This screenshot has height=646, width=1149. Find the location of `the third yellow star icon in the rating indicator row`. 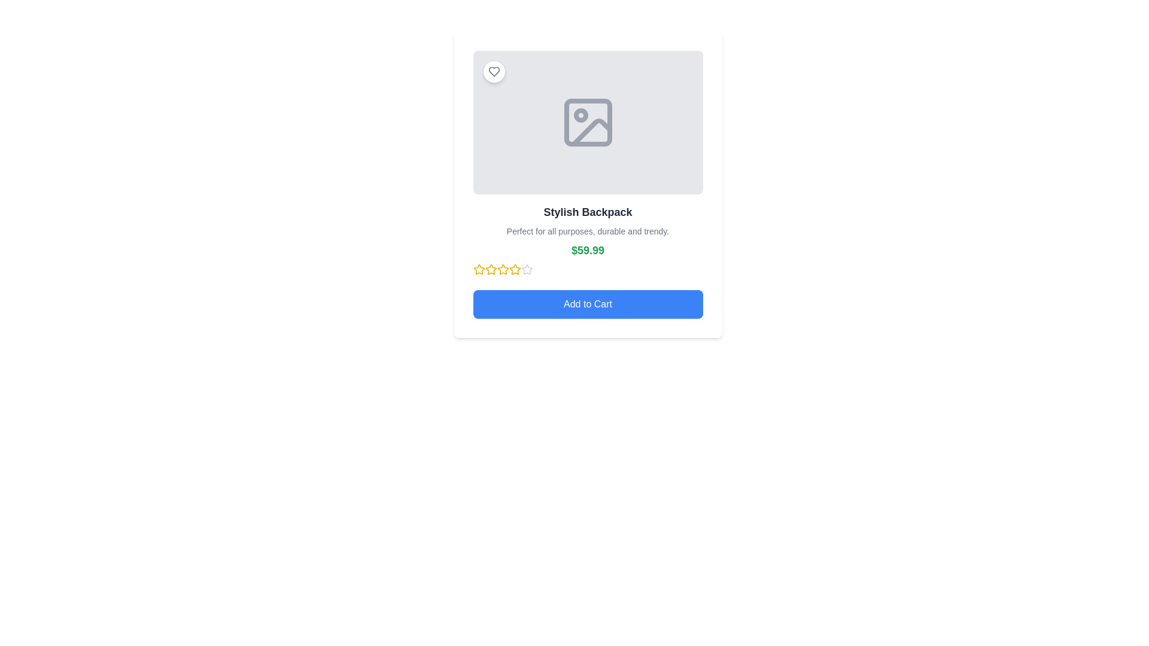

the third yellow star icon in the rating indicator row is located at coordinates (515, 269).